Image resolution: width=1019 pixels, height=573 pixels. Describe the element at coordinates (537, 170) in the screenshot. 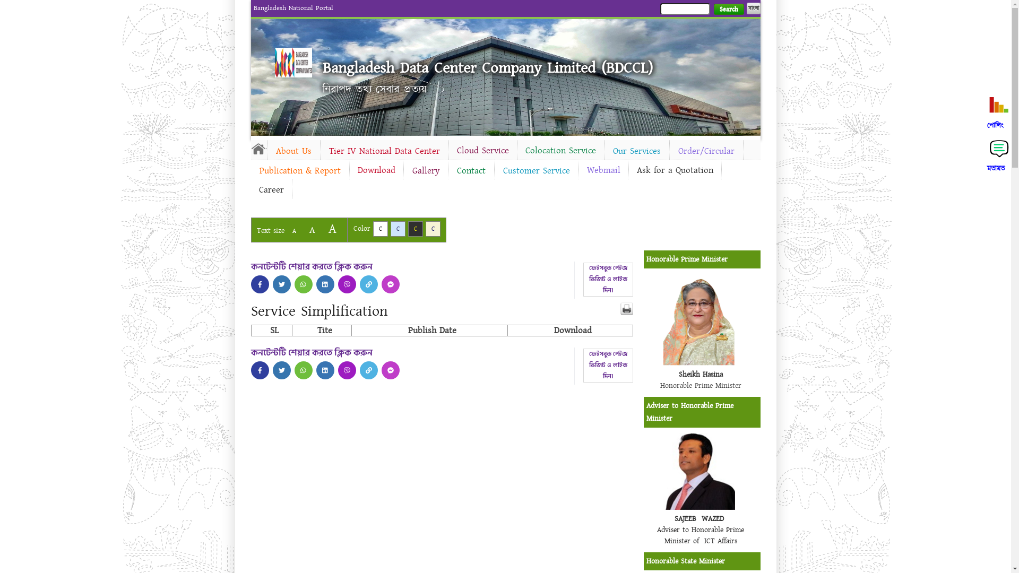

I see `'Customer Service'` at that location.